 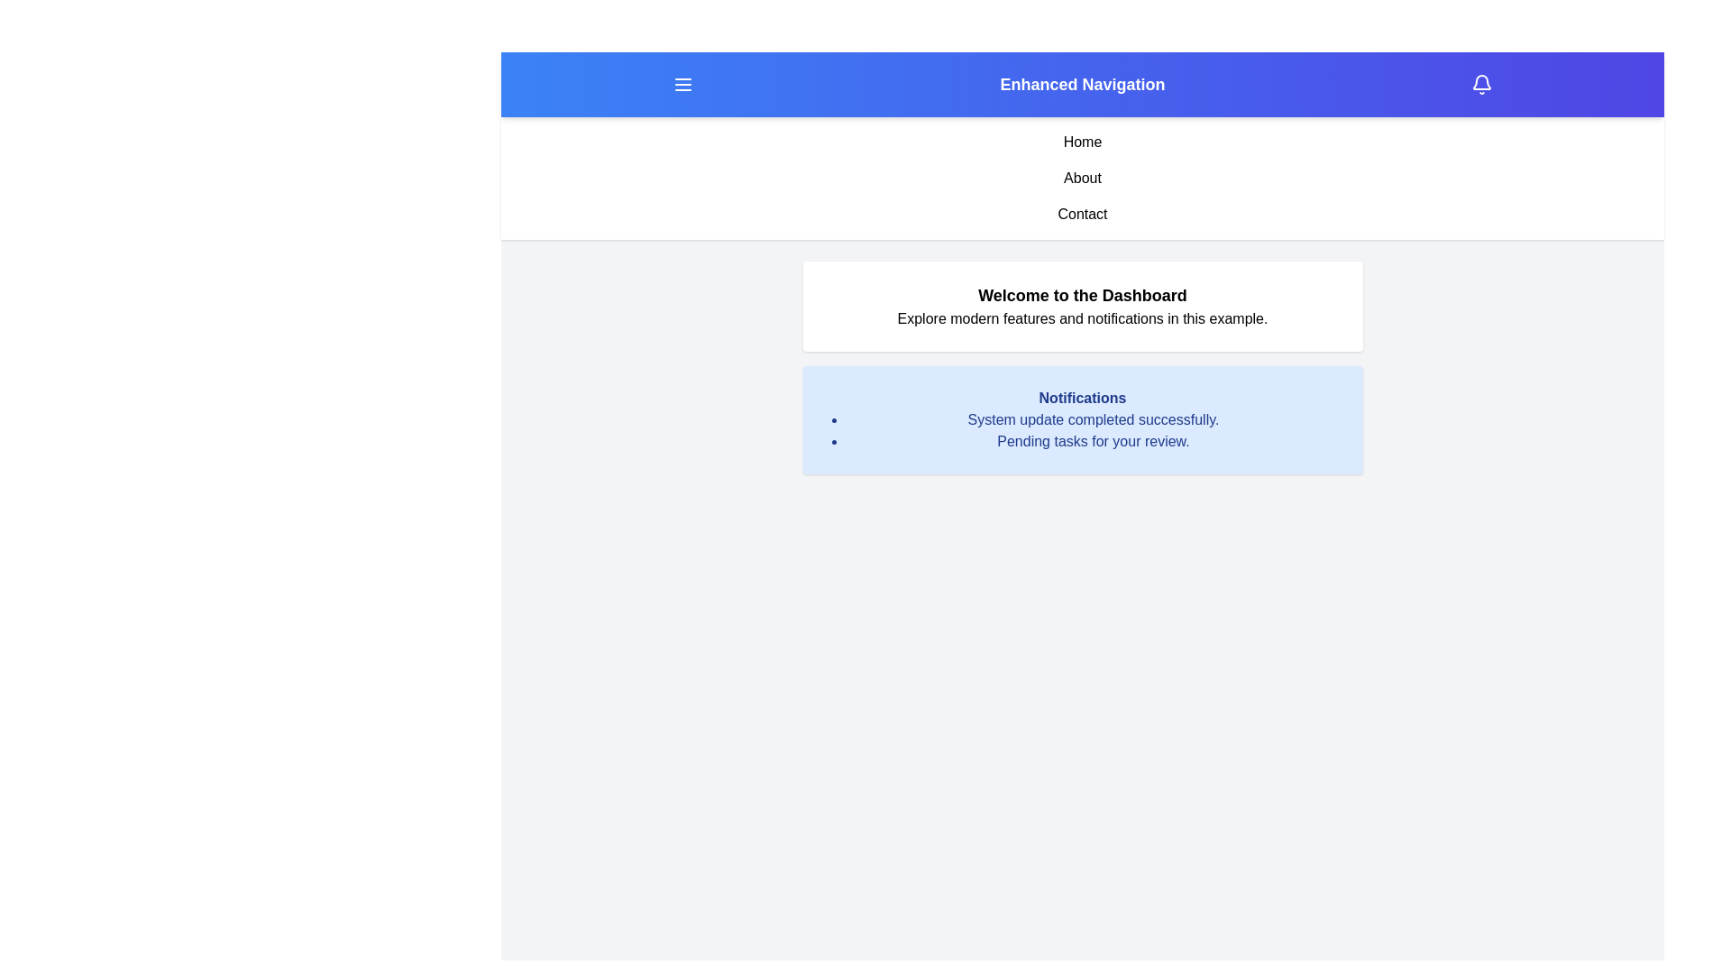 What do you see at coordinates (682, 84) in the screenshot?
I see `the menu button to toggle the menu visibility` at bounding box center [682, 84].